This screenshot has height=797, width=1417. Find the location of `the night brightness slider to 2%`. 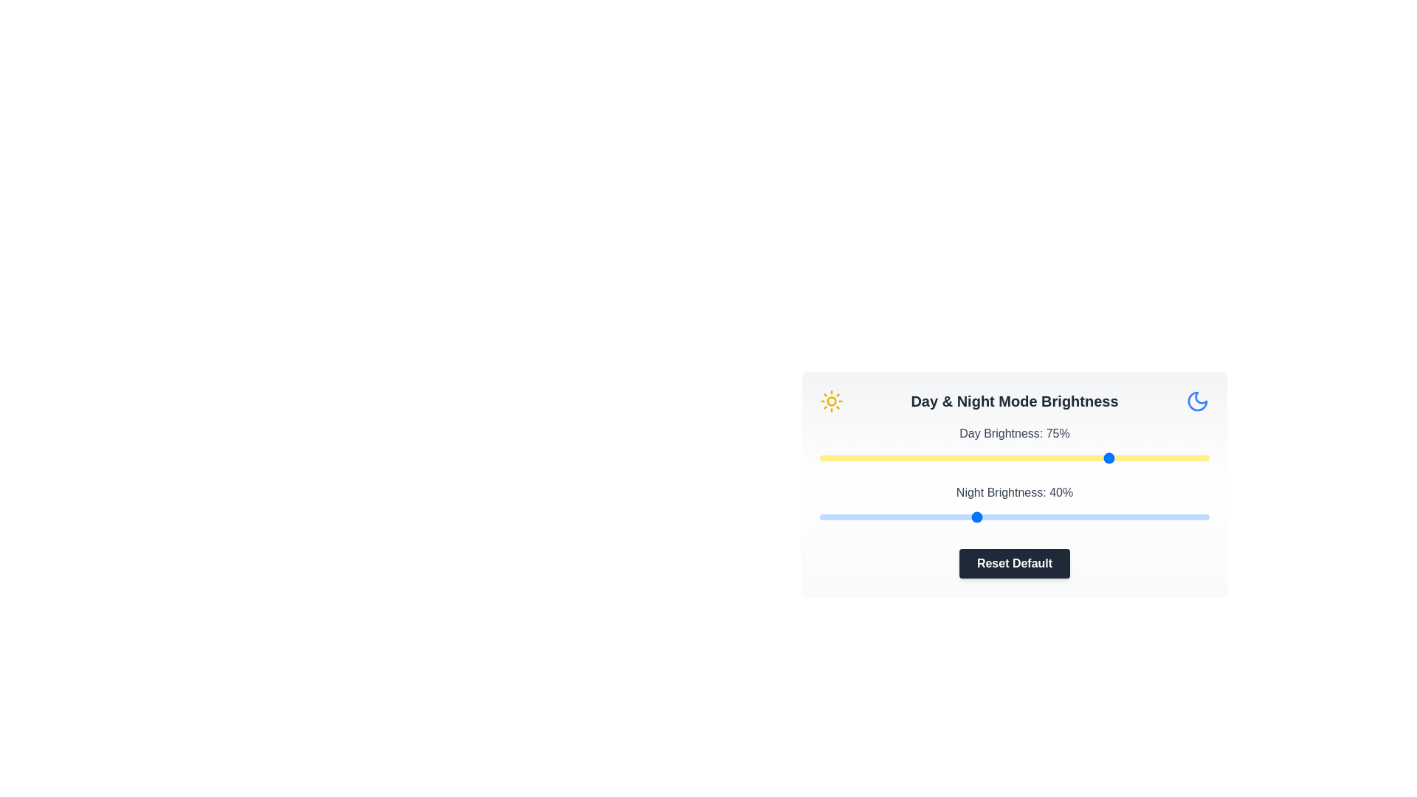

the night brightness slider to 2% is located at coordinates (827, 517).